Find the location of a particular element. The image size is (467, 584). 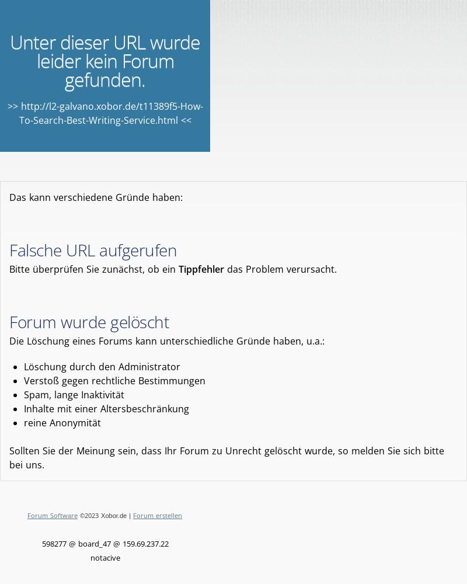

'Forum erstellen' is located at coordinates (158, 515).